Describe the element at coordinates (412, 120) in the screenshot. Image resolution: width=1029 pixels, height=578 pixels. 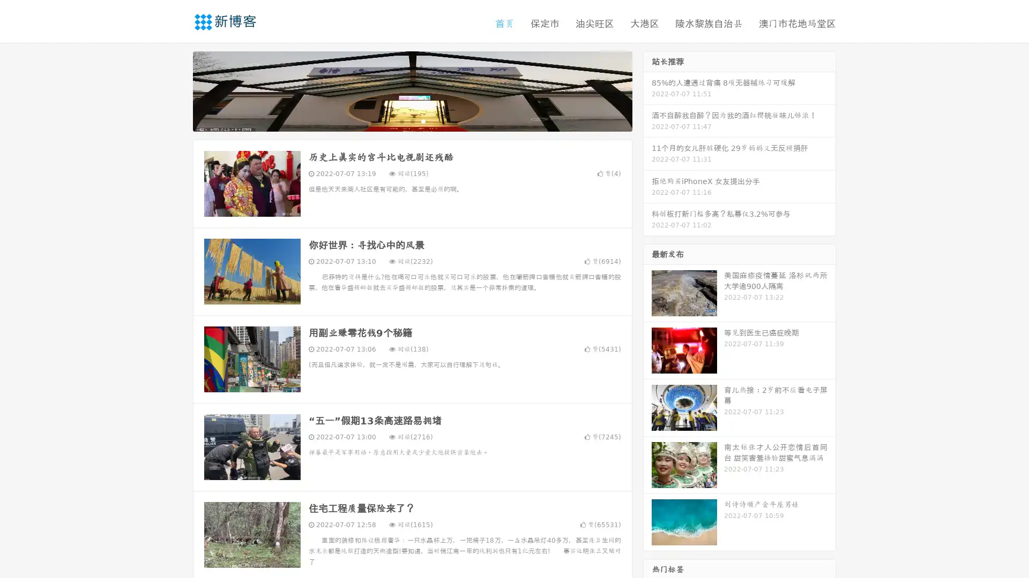
I see `Go to slide 2` at that location.